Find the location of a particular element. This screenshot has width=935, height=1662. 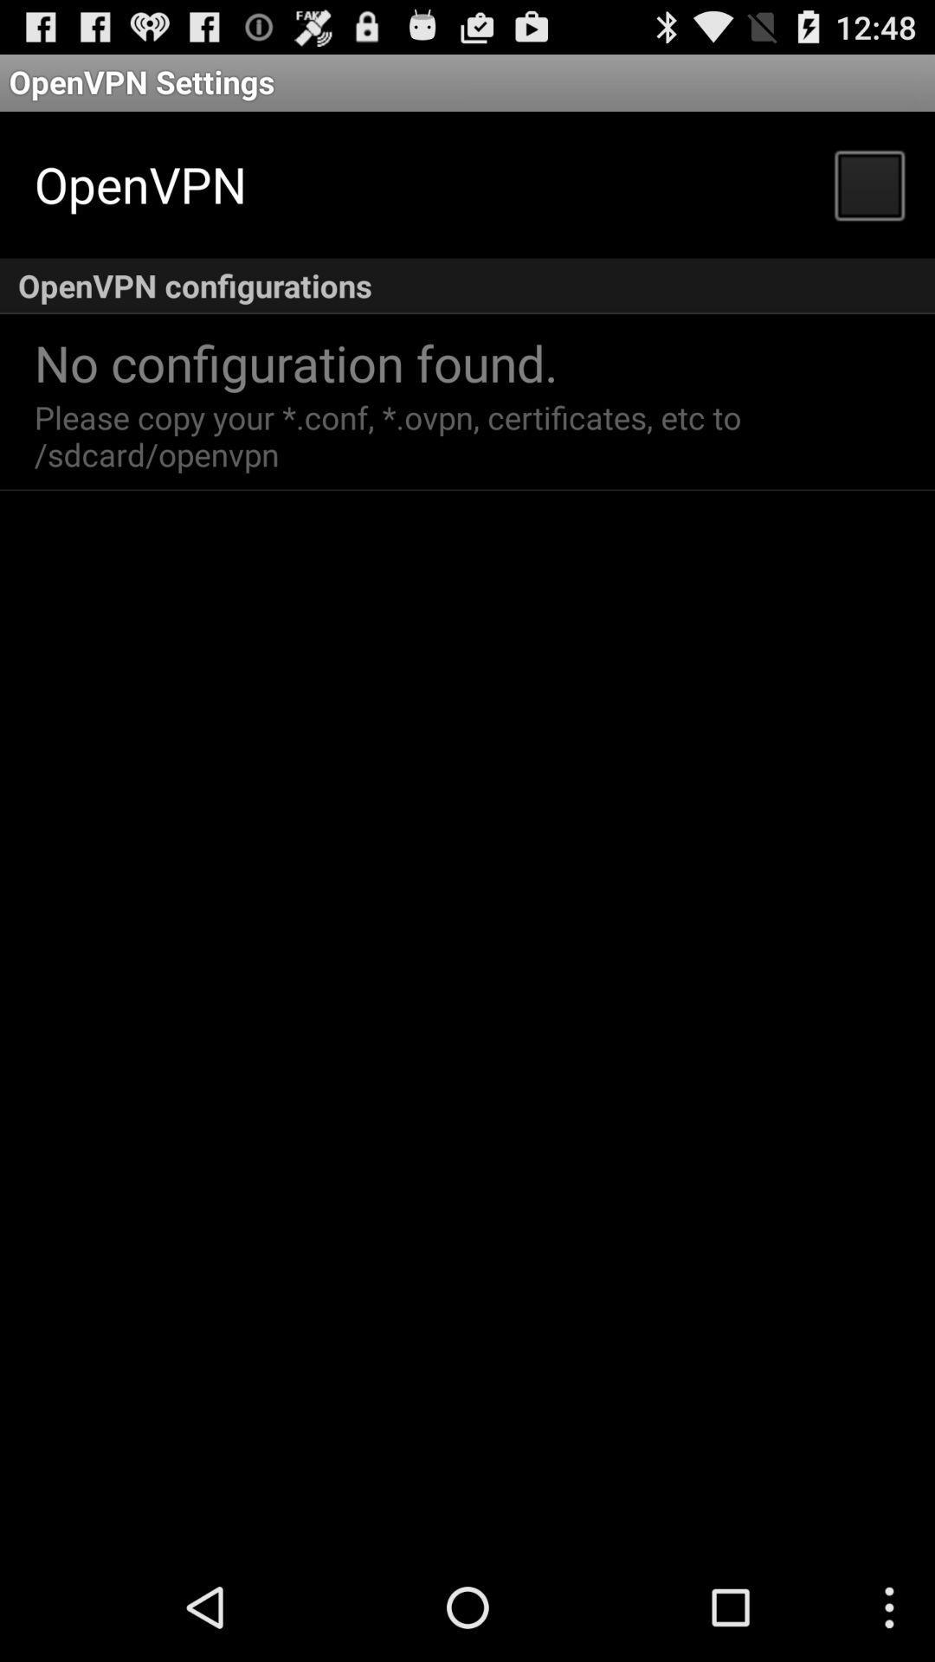

app to the right of the openvpn is located at coordinates (868, 184).